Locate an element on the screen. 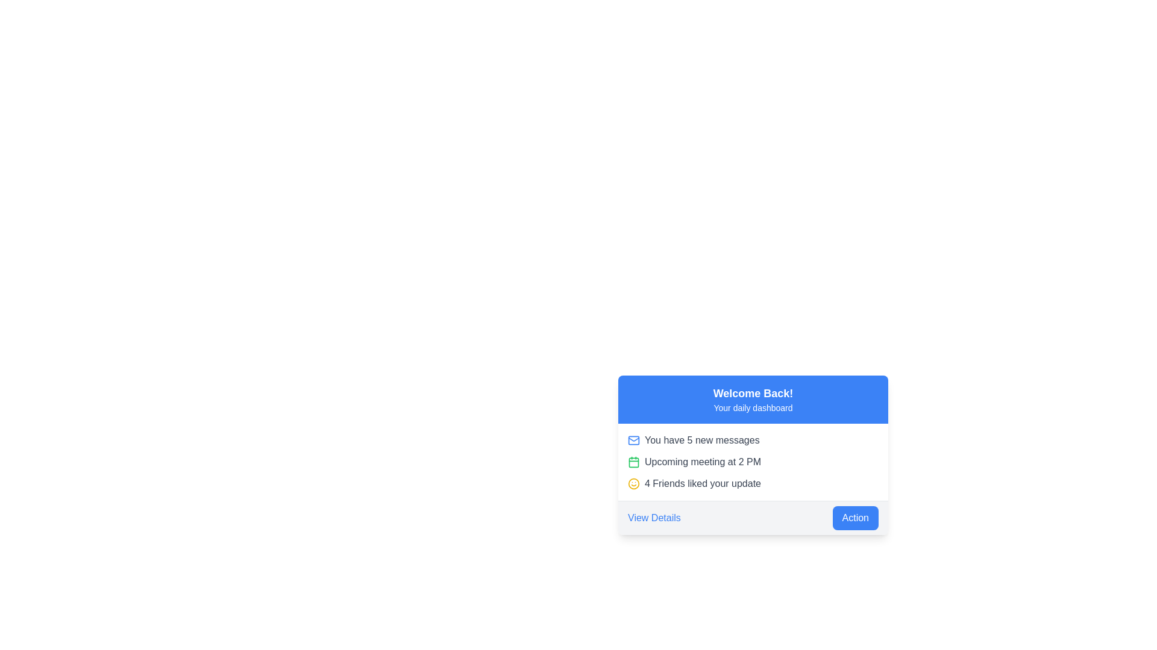 The width and height of the screenshot is (1157, 650). the notification text label that indicates the number of new messages, located to the right of the blue mail icon is located at coordinates (702, 441).